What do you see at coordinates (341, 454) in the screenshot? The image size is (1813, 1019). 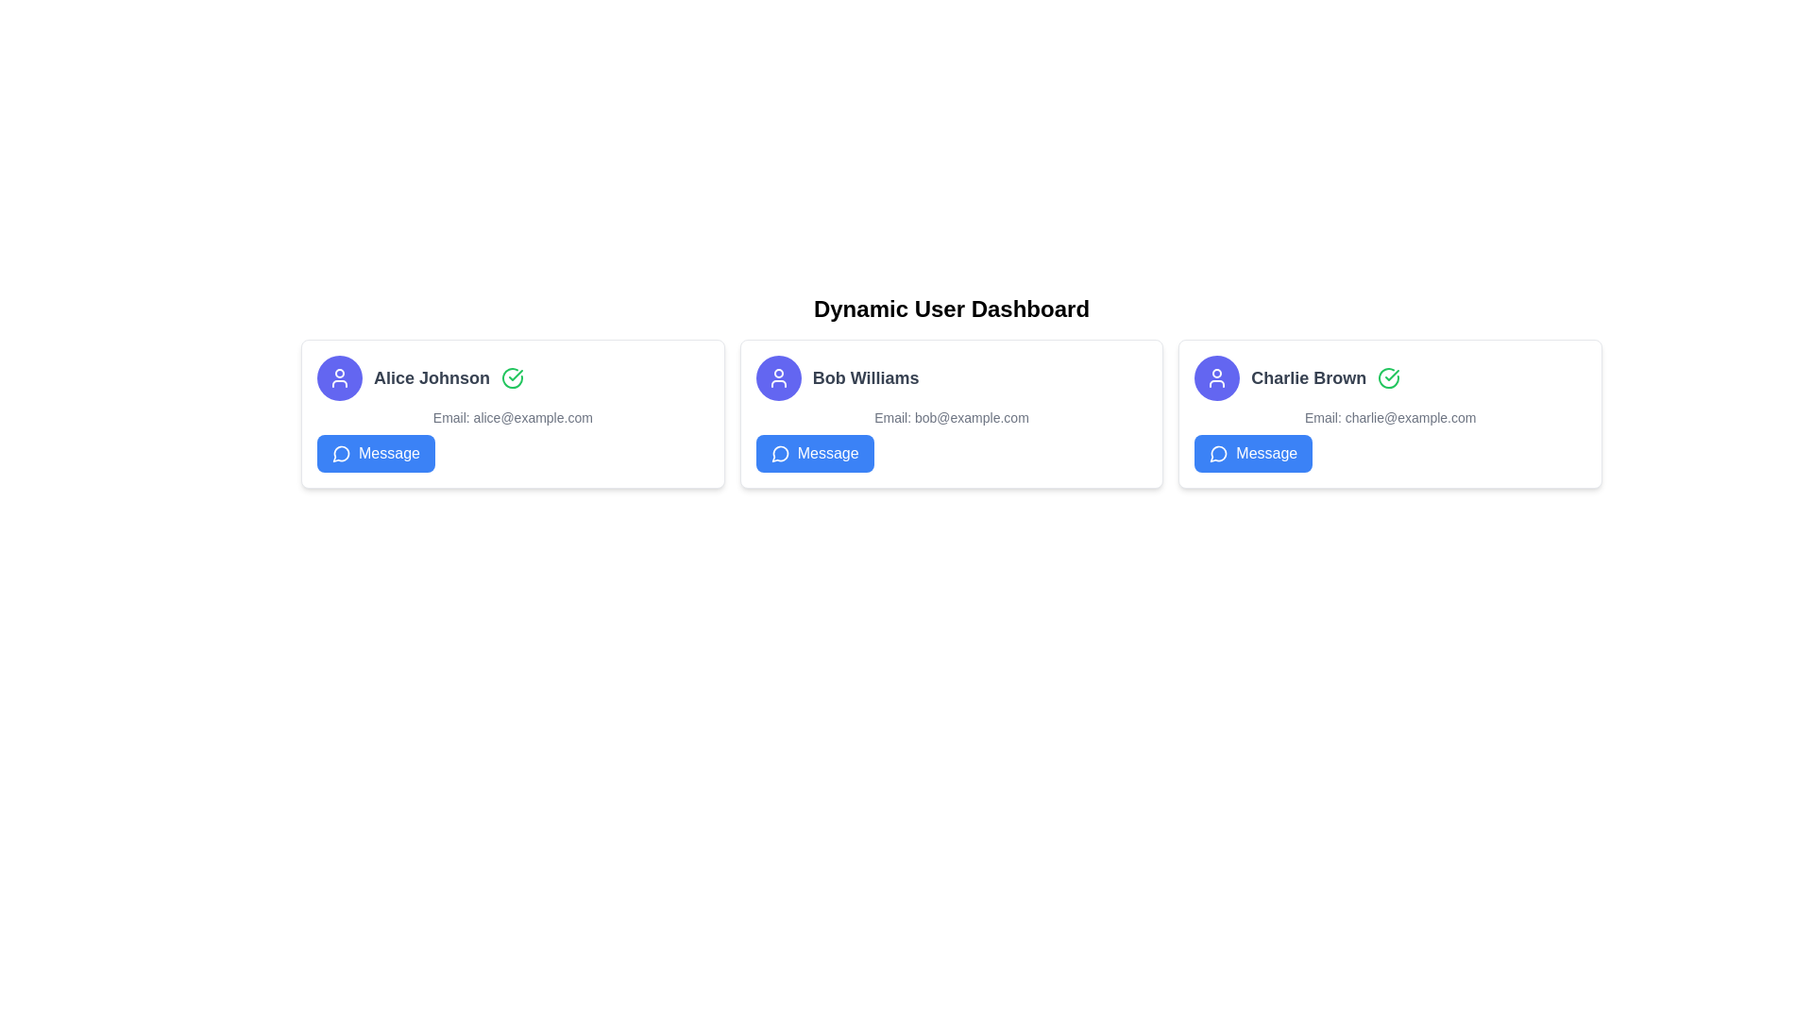 I see `the speech bubble icon within the 'Message' button for user 'Alice Johnson', which represents messaging functionality` at bounding box center [341, 454].